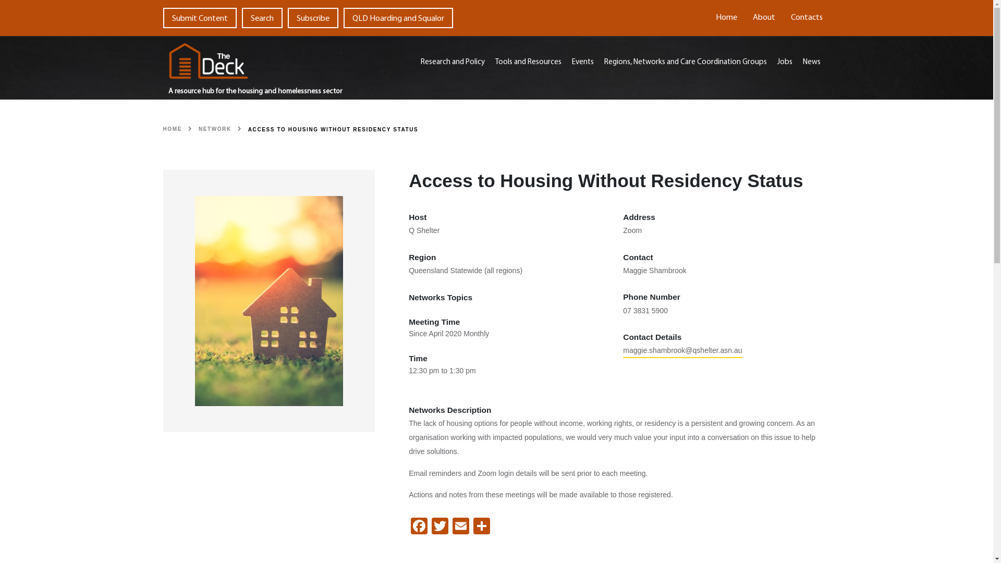 The height and width of the screenshot is (563, 1001). Describe the element at coordinates (312, 18) in the screenshot. I see `'Subscribe'` at that location.